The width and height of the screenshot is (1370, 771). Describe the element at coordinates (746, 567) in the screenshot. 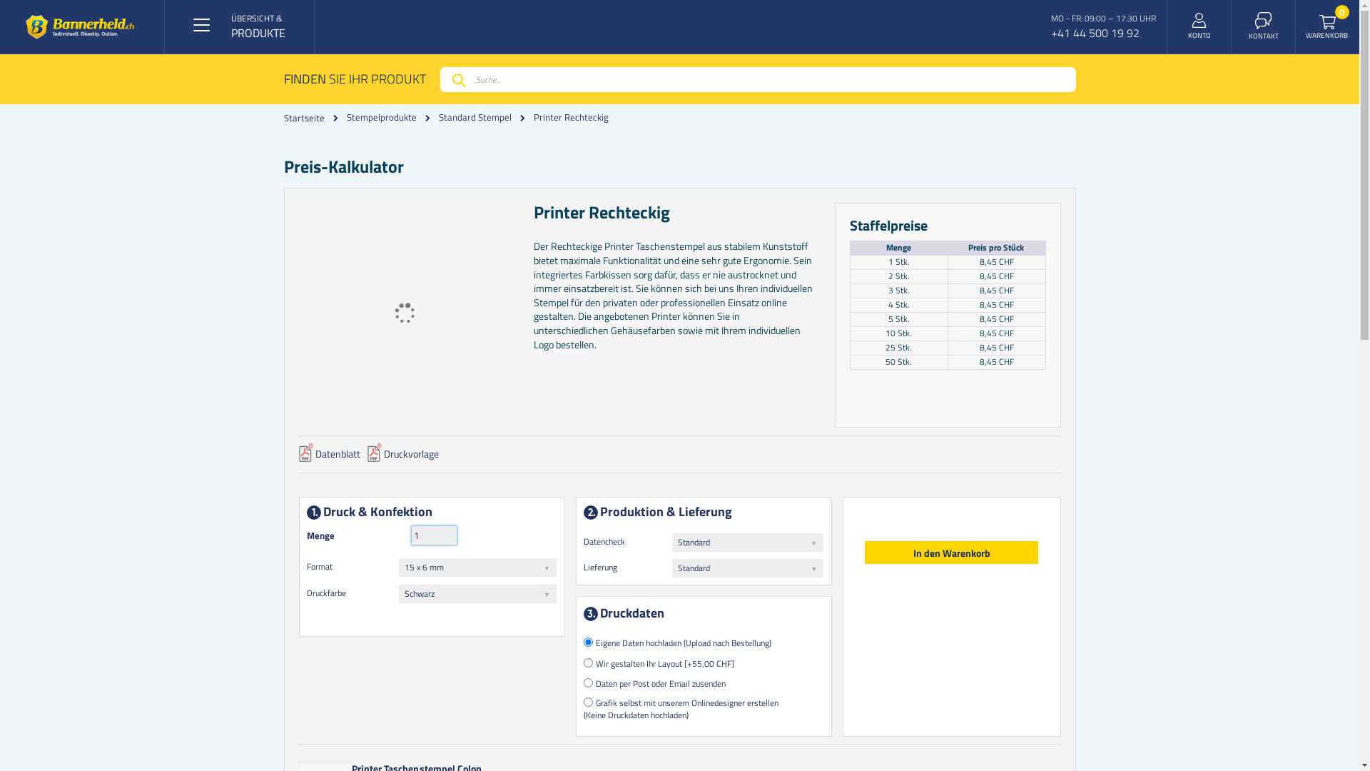

I see `'Standard'` at that location.